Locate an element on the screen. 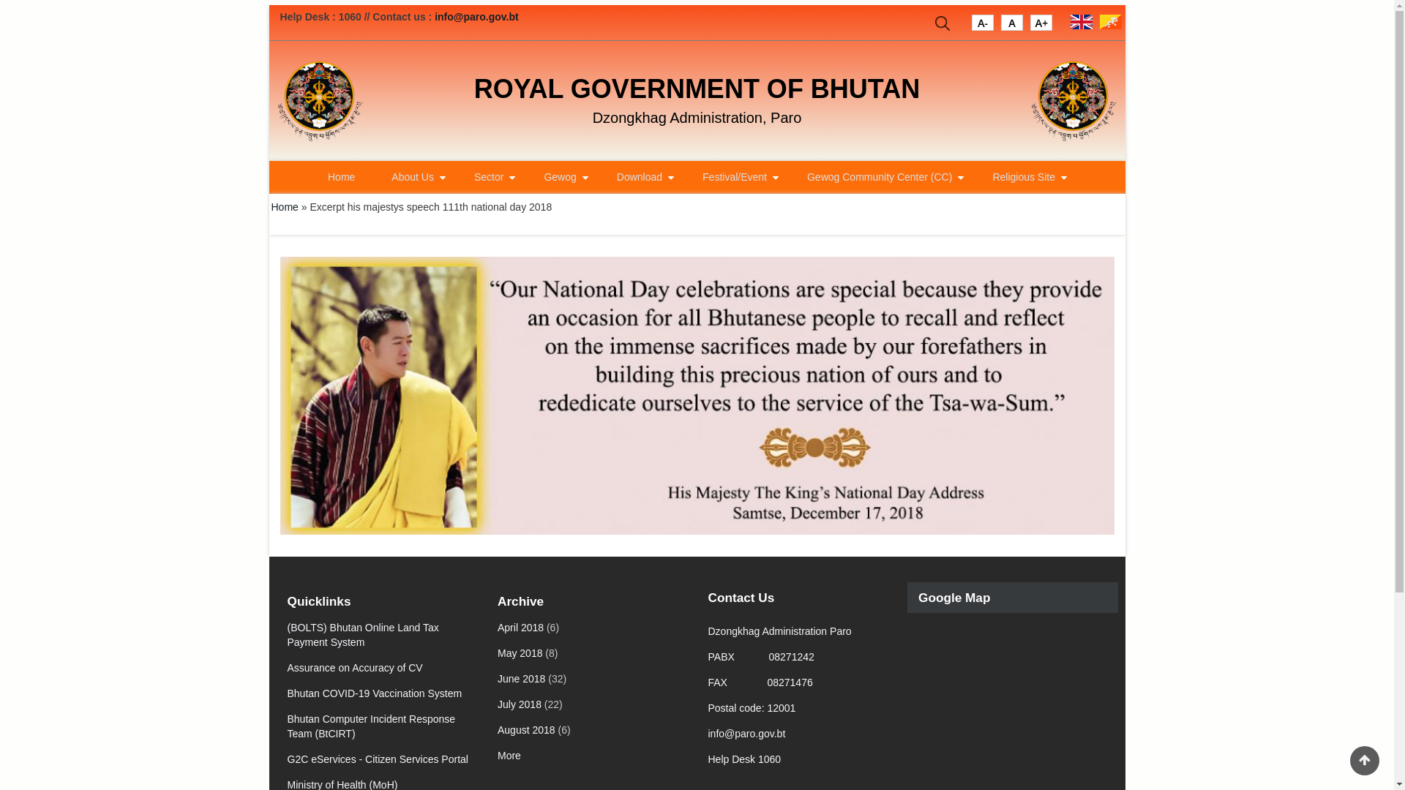 The height and width of the screenshot is (790, 1405). 'Assurance on Accuracy of CV' is located at coordinates (354, 668).